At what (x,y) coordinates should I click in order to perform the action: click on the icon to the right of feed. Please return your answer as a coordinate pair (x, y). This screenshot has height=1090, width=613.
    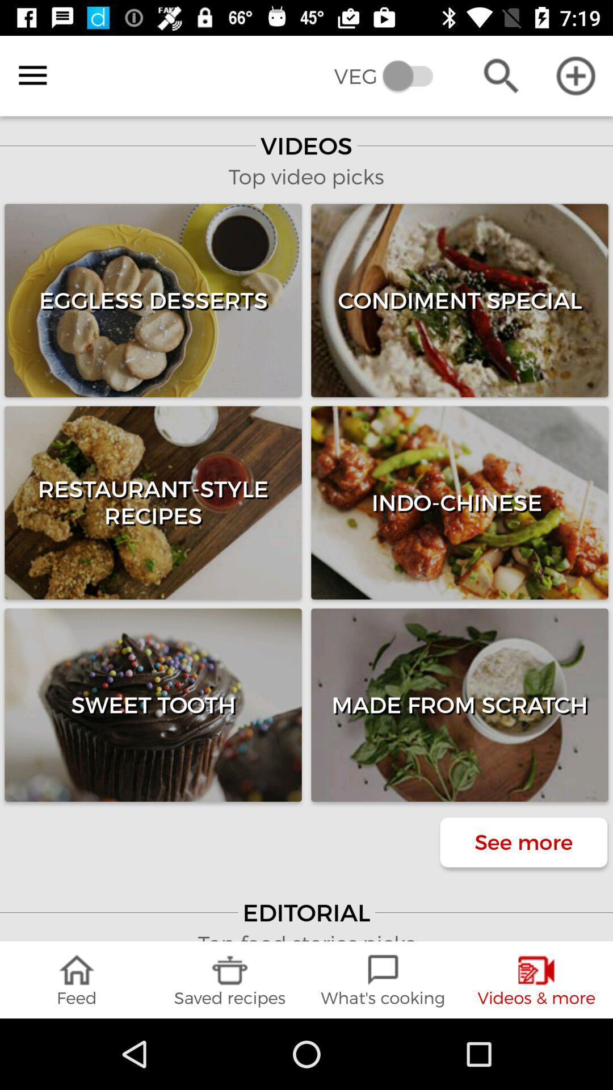
    Looking at the image, I should click on (230, 979).